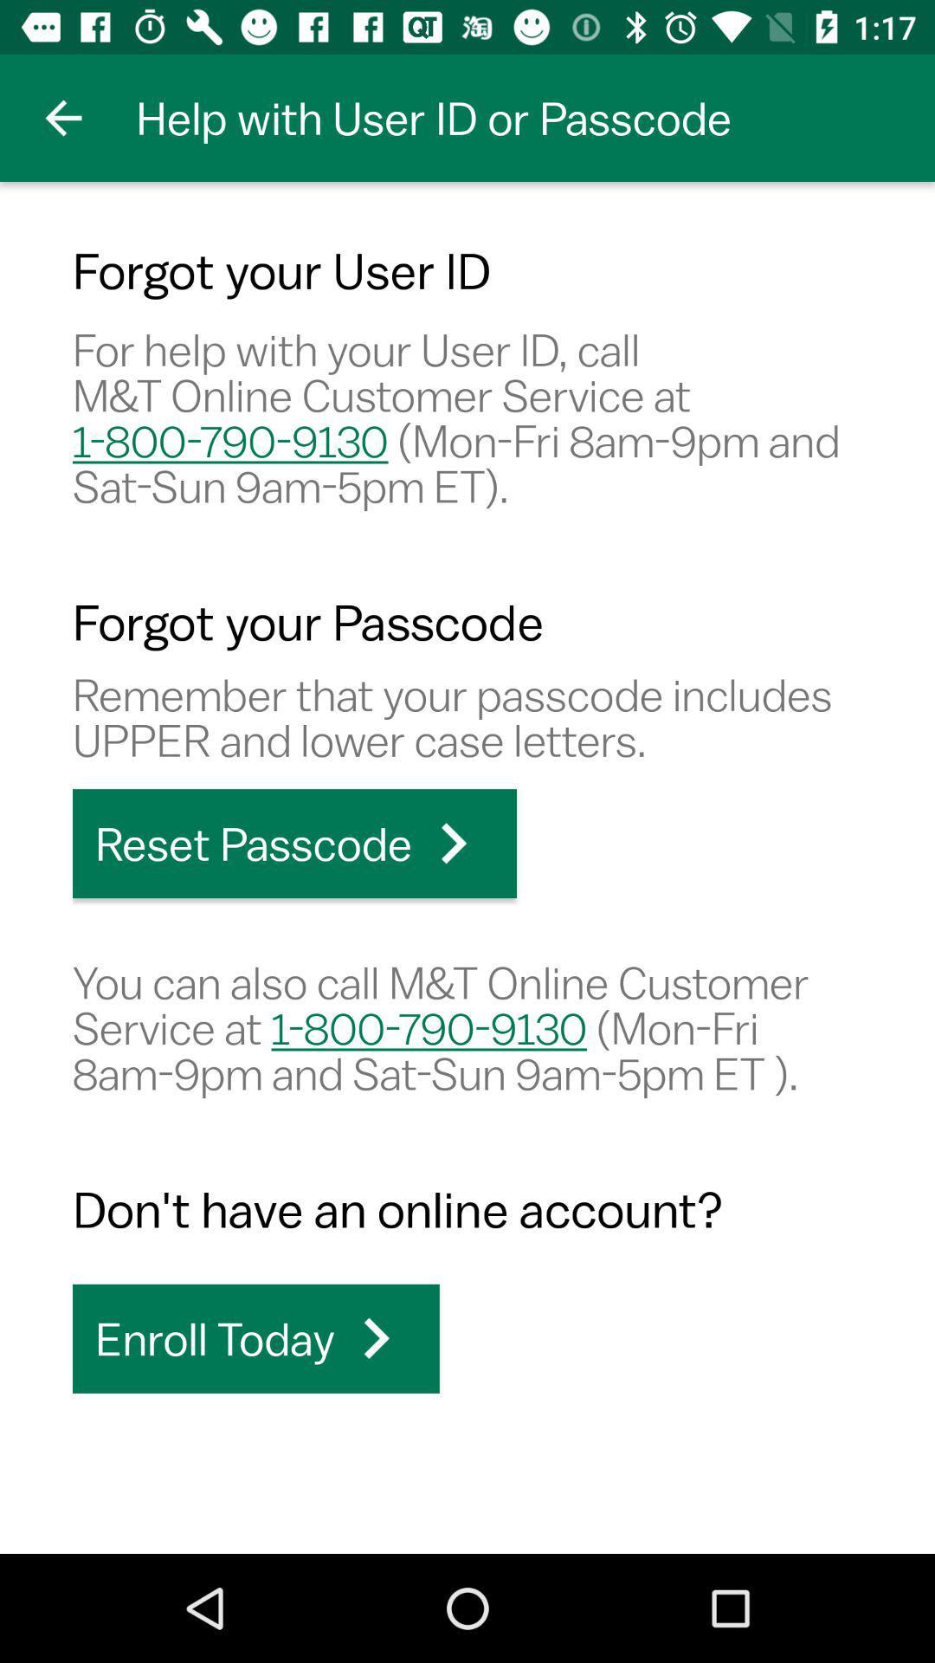 The height and width of the screenshot is (1663, 935). I want to click on icon below remember that your, so click(293, 844).